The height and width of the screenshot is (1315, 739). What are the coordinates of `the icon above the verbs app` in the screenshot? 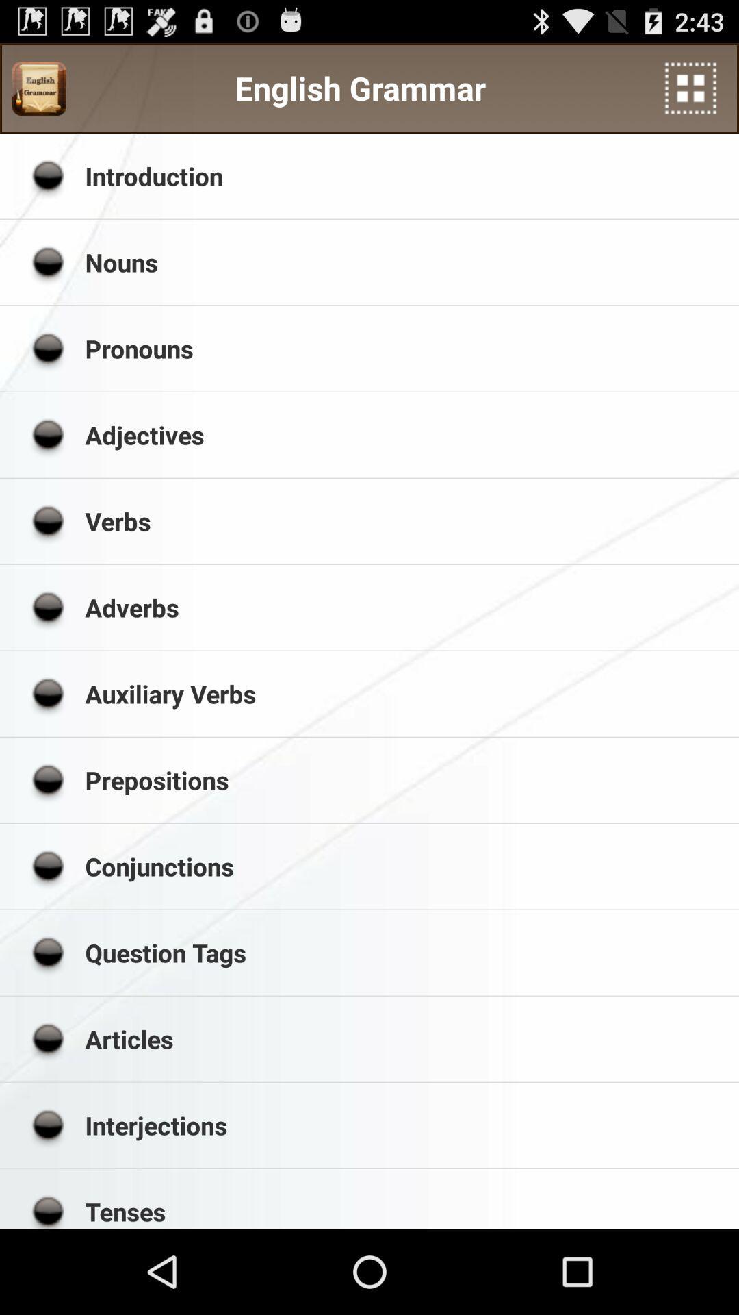 It's located at (406, 434).